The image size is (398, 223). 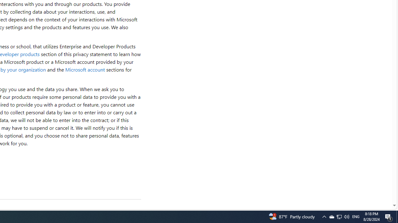 I want to click on 'Microsoft account', so click(x=85, y=70).